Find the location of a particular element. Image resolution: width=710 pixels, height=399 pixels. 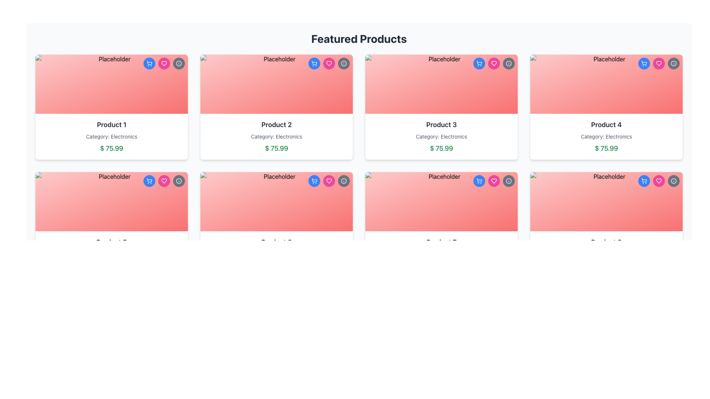

the 'Add to Cart' button located at the top-right corner of the 'Product 1' card to trigger tooltips or visual highlights is located at coordinates (149, 63).